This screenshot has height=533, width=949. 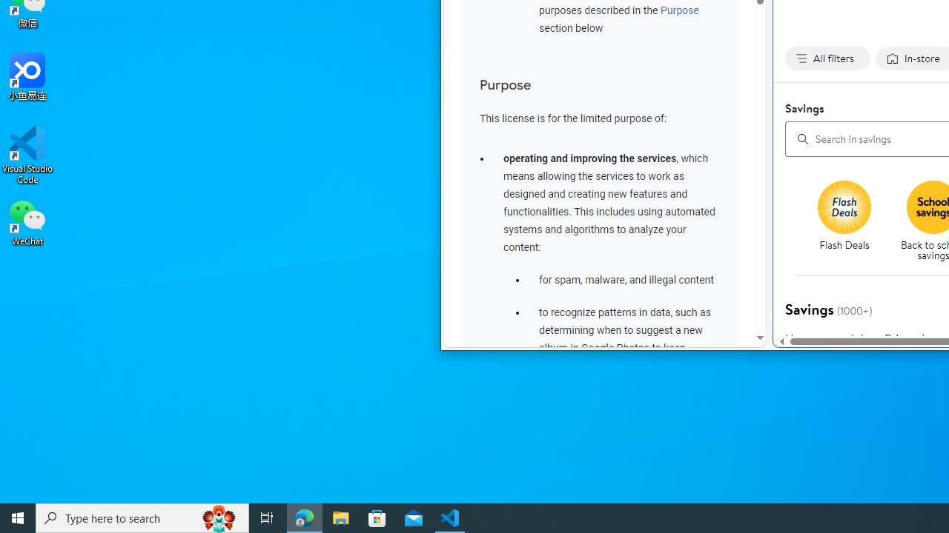 What do you see at coordinates (377, 517) in the screenshot?
I see `'Microsoft Store'` at bounding box center [377, 517].